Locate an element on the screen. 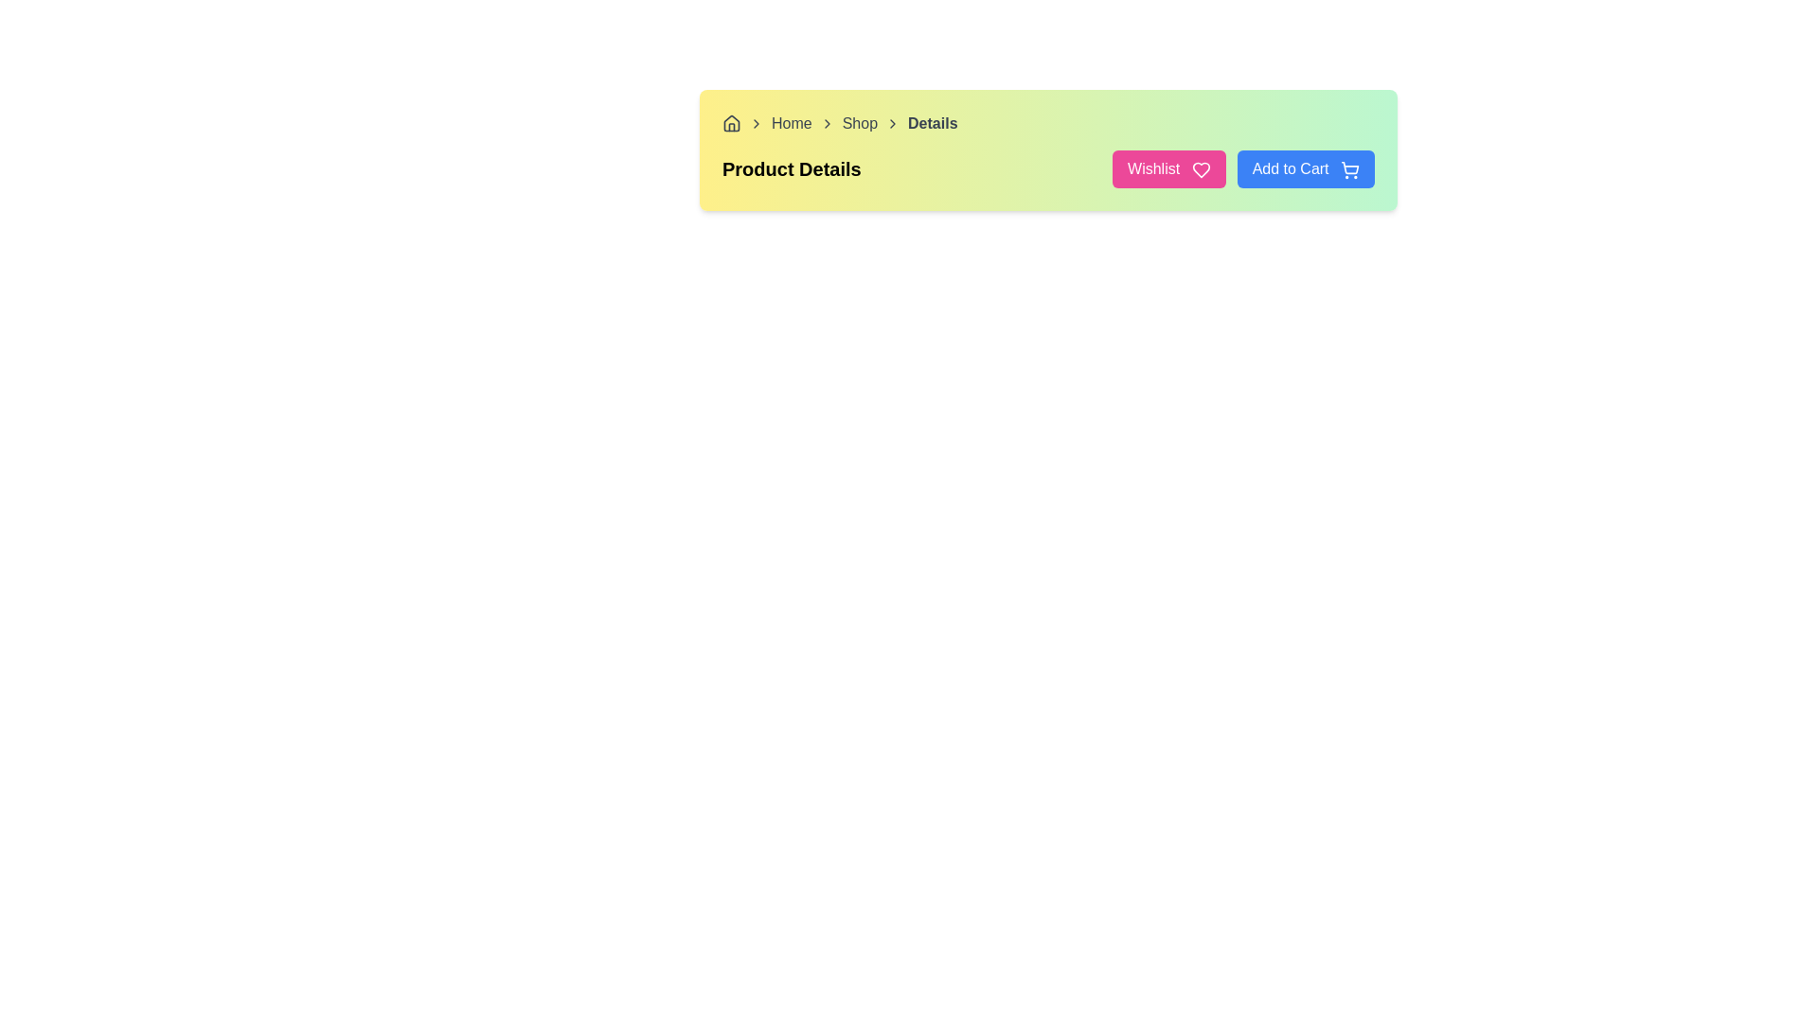 Image resolution: width=1818 pixels, height=1022 pixels. the right-pointing chevron icon in the breadcrumb navigation bar, located between the 'Home' and 'Shop' links is located at coordinates (827, 124).